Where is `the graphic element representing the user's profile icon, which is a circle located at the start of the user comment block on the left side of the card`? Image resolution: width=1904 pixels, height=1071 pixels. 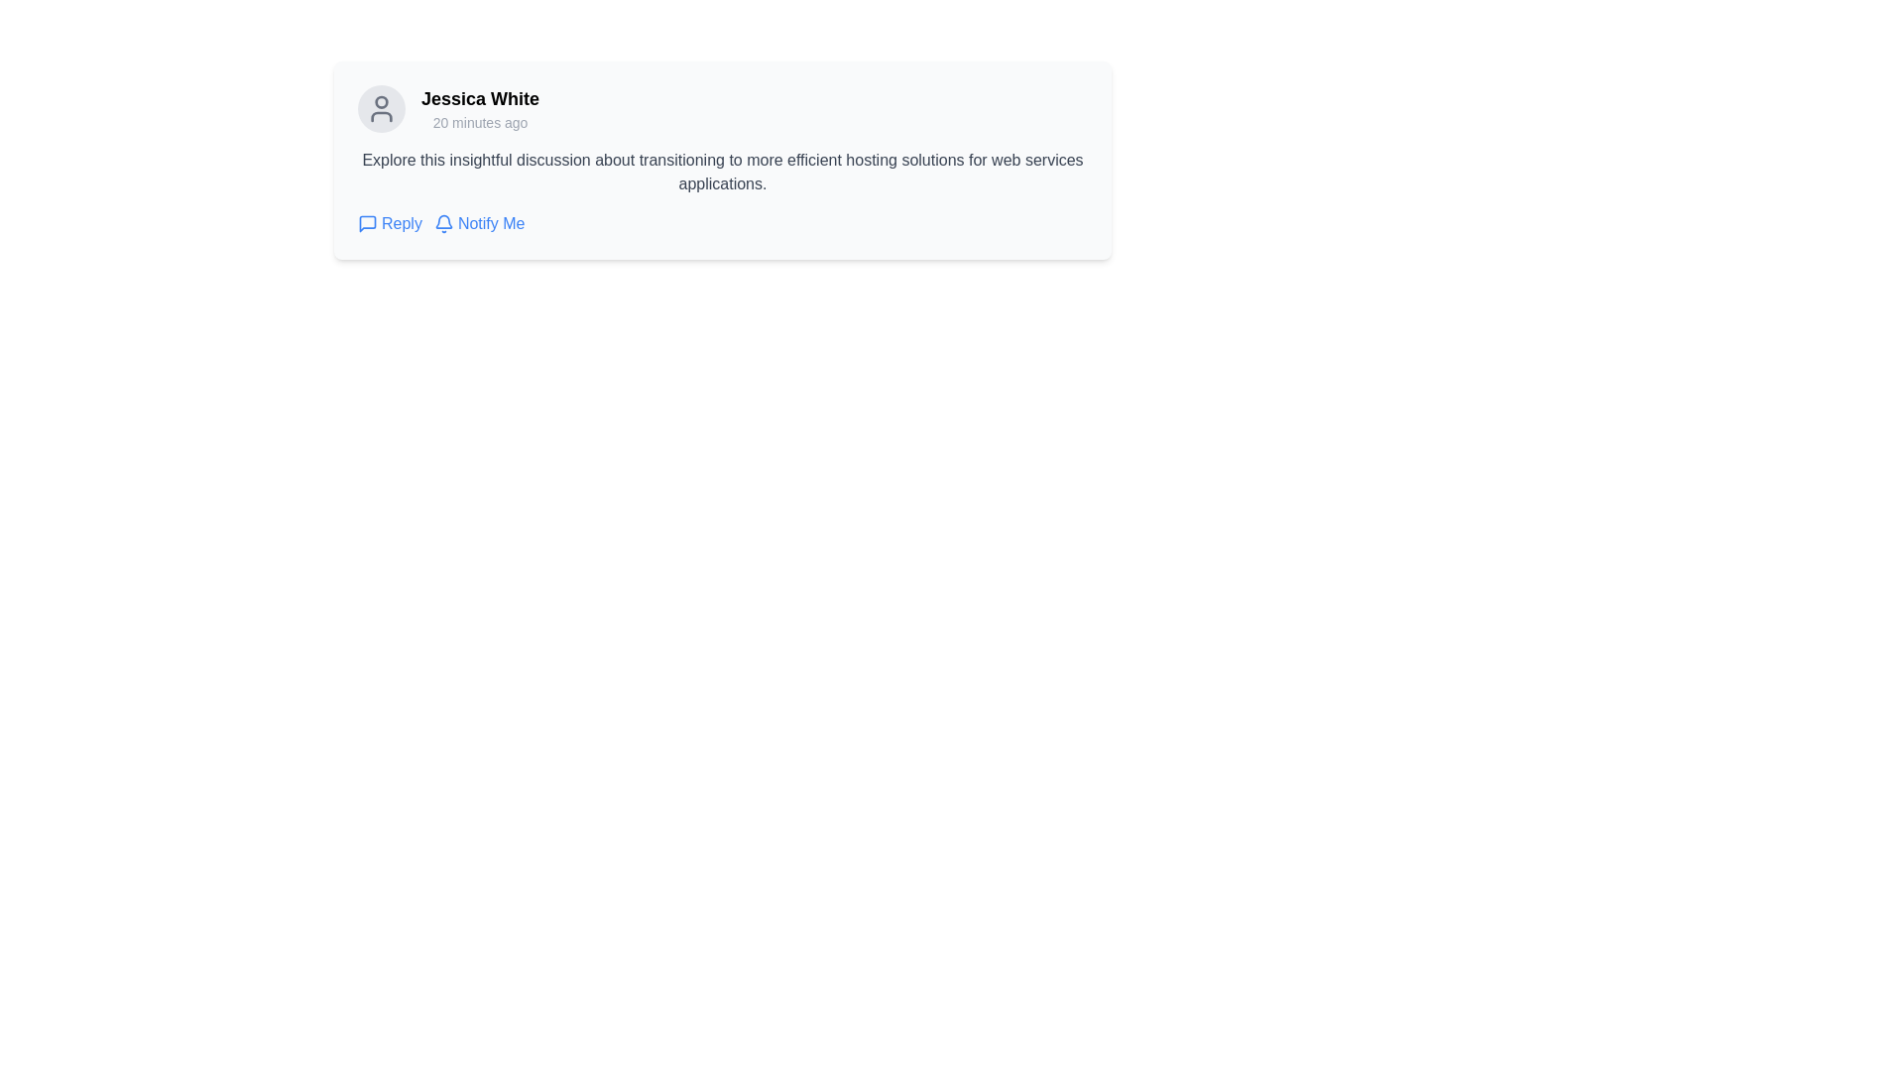
the graphic element representing the user's profile icon, which is a circle located at the start of the user comment block on the left side of the card is located at coordinates (381, 102).